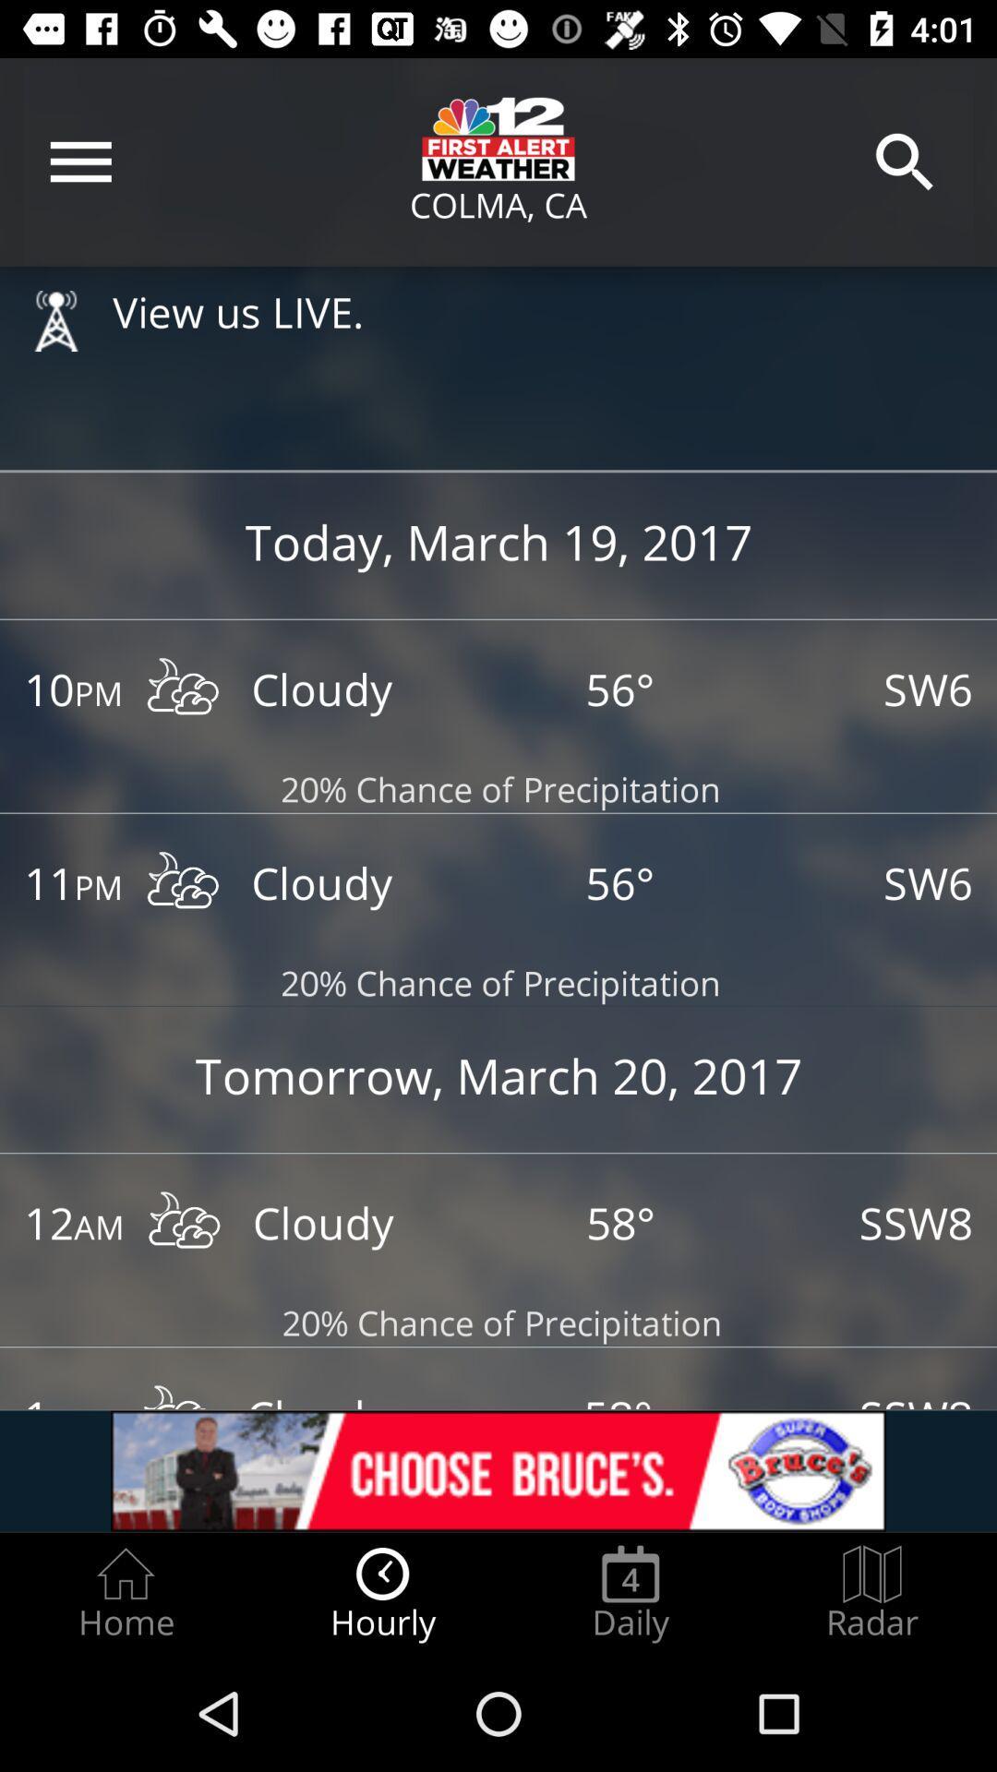 The width and height of the screenshot is (997, 1772). I want to click on icon left side of view us live, so click(55, 320).